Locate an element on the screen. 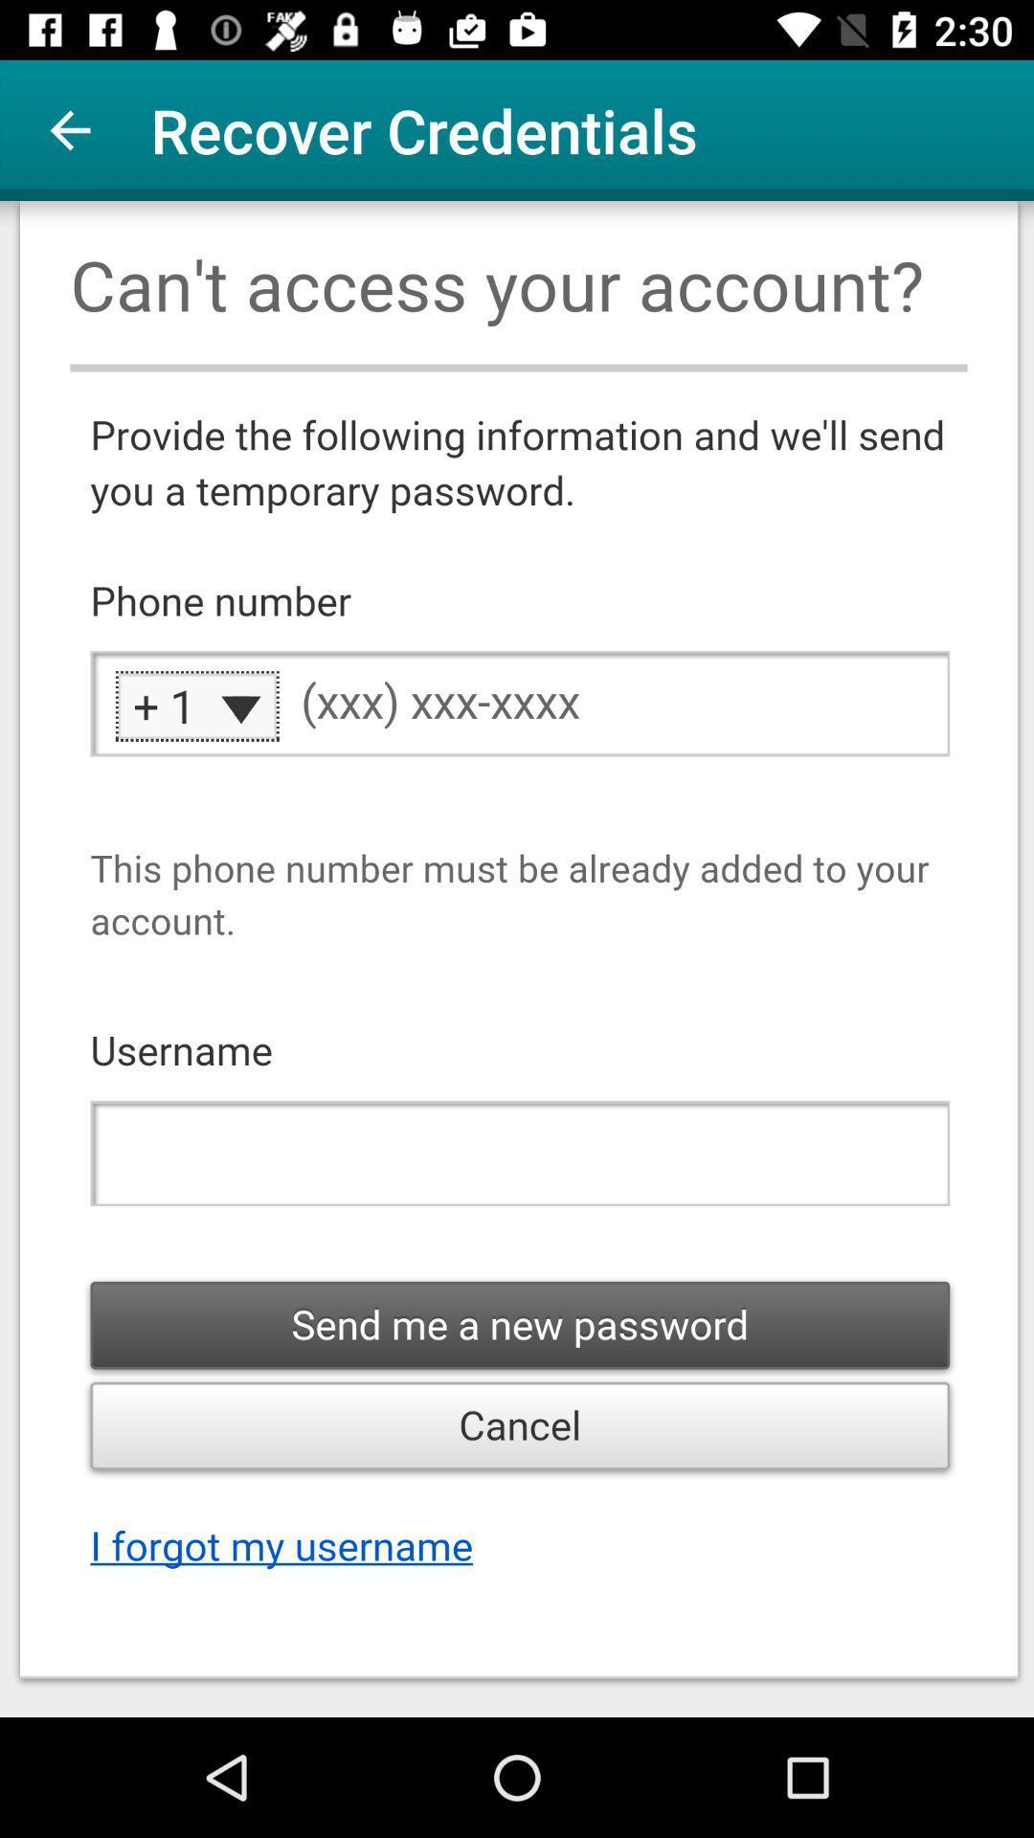 Image resolution: width=1034 pixels, height=1838 pixels. access your account is located at coordinates (517, 959).